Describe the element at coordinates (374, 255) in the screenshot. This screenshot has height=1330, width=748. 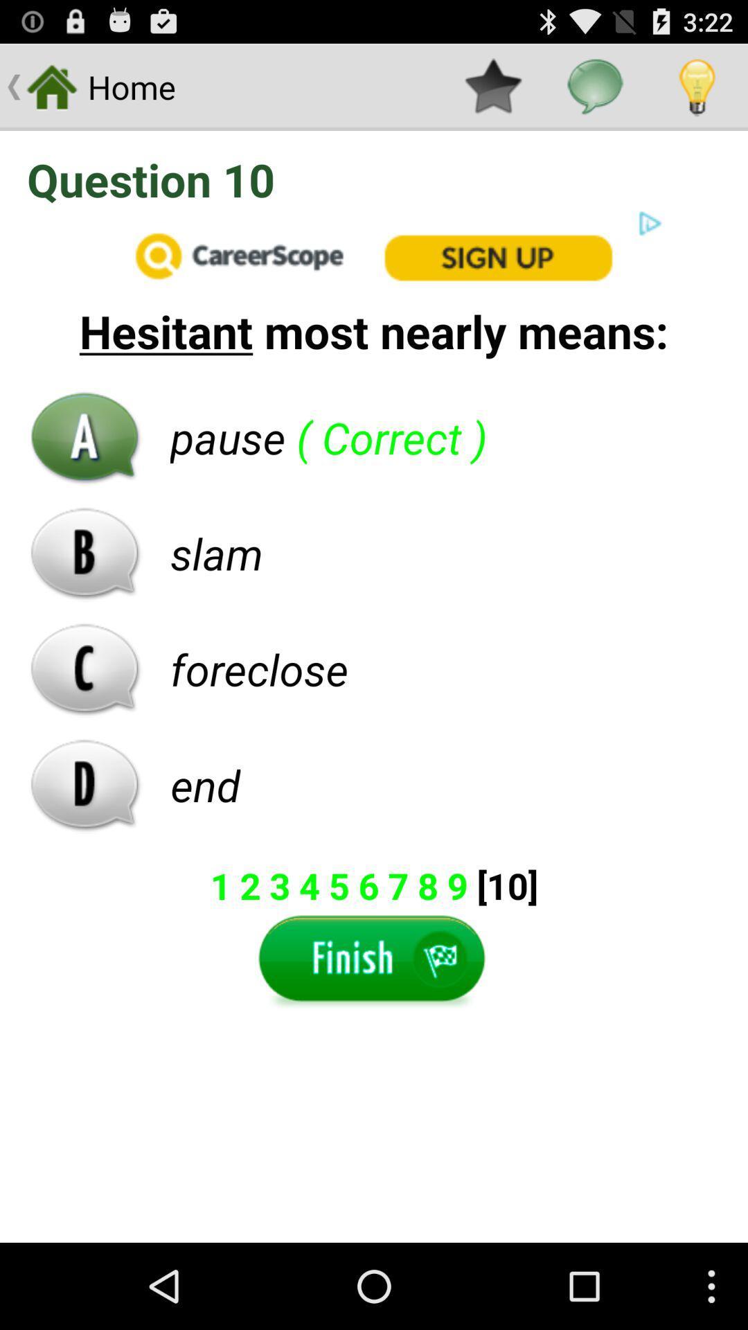
I see `sing up option` at that location.